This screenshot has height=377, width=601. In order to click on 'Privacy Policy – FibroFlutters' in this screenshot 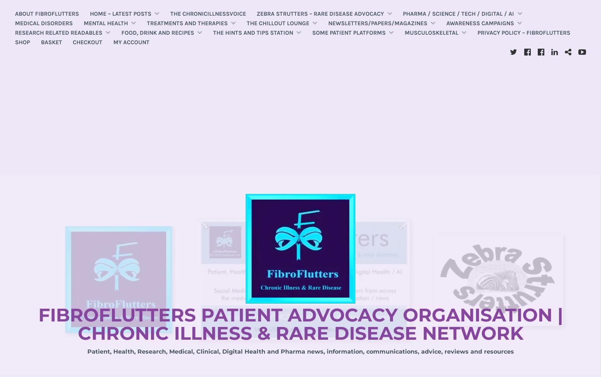, I will do `click(477, 32)`.